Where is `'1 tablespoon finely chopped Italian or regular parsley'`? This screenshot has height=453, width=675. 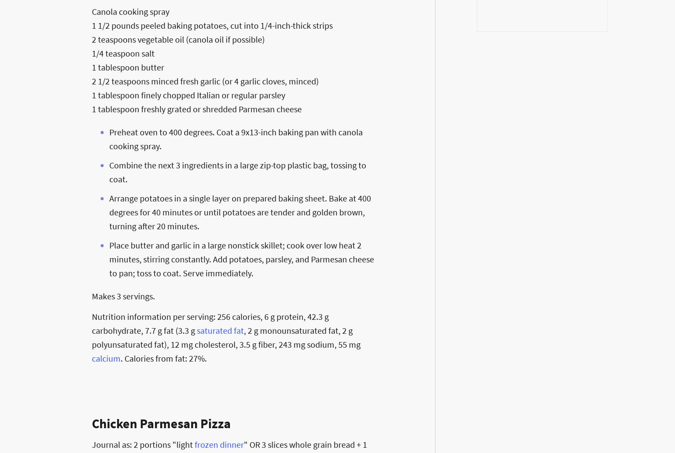 '1 tablespoon finely chopped Italian or regular parsley' is located at coordinates (91, 94).